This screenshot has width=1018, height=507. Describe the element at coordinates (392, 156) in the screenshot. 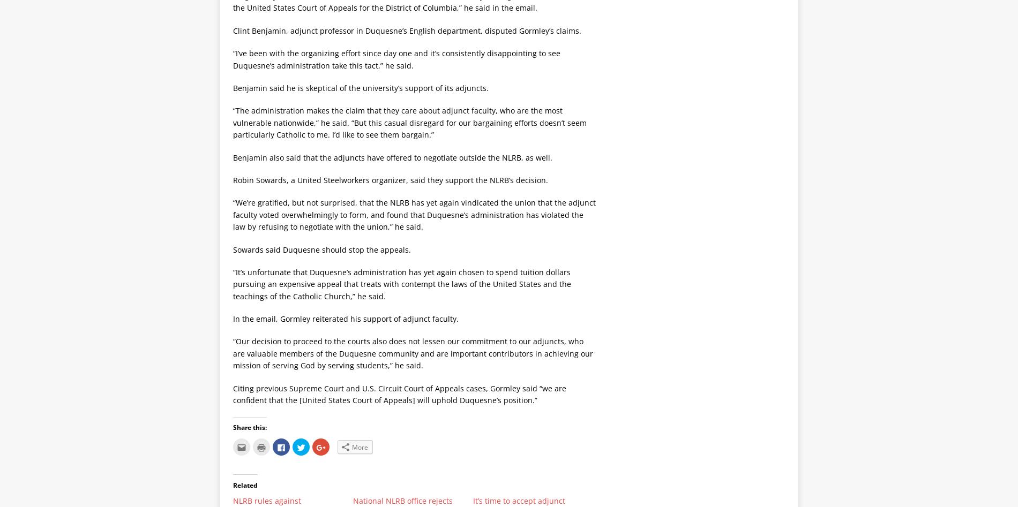

I see `'Benjamin also said that the adjuncts have offered to negotiate outside the NLRB, as well.'` at that location.